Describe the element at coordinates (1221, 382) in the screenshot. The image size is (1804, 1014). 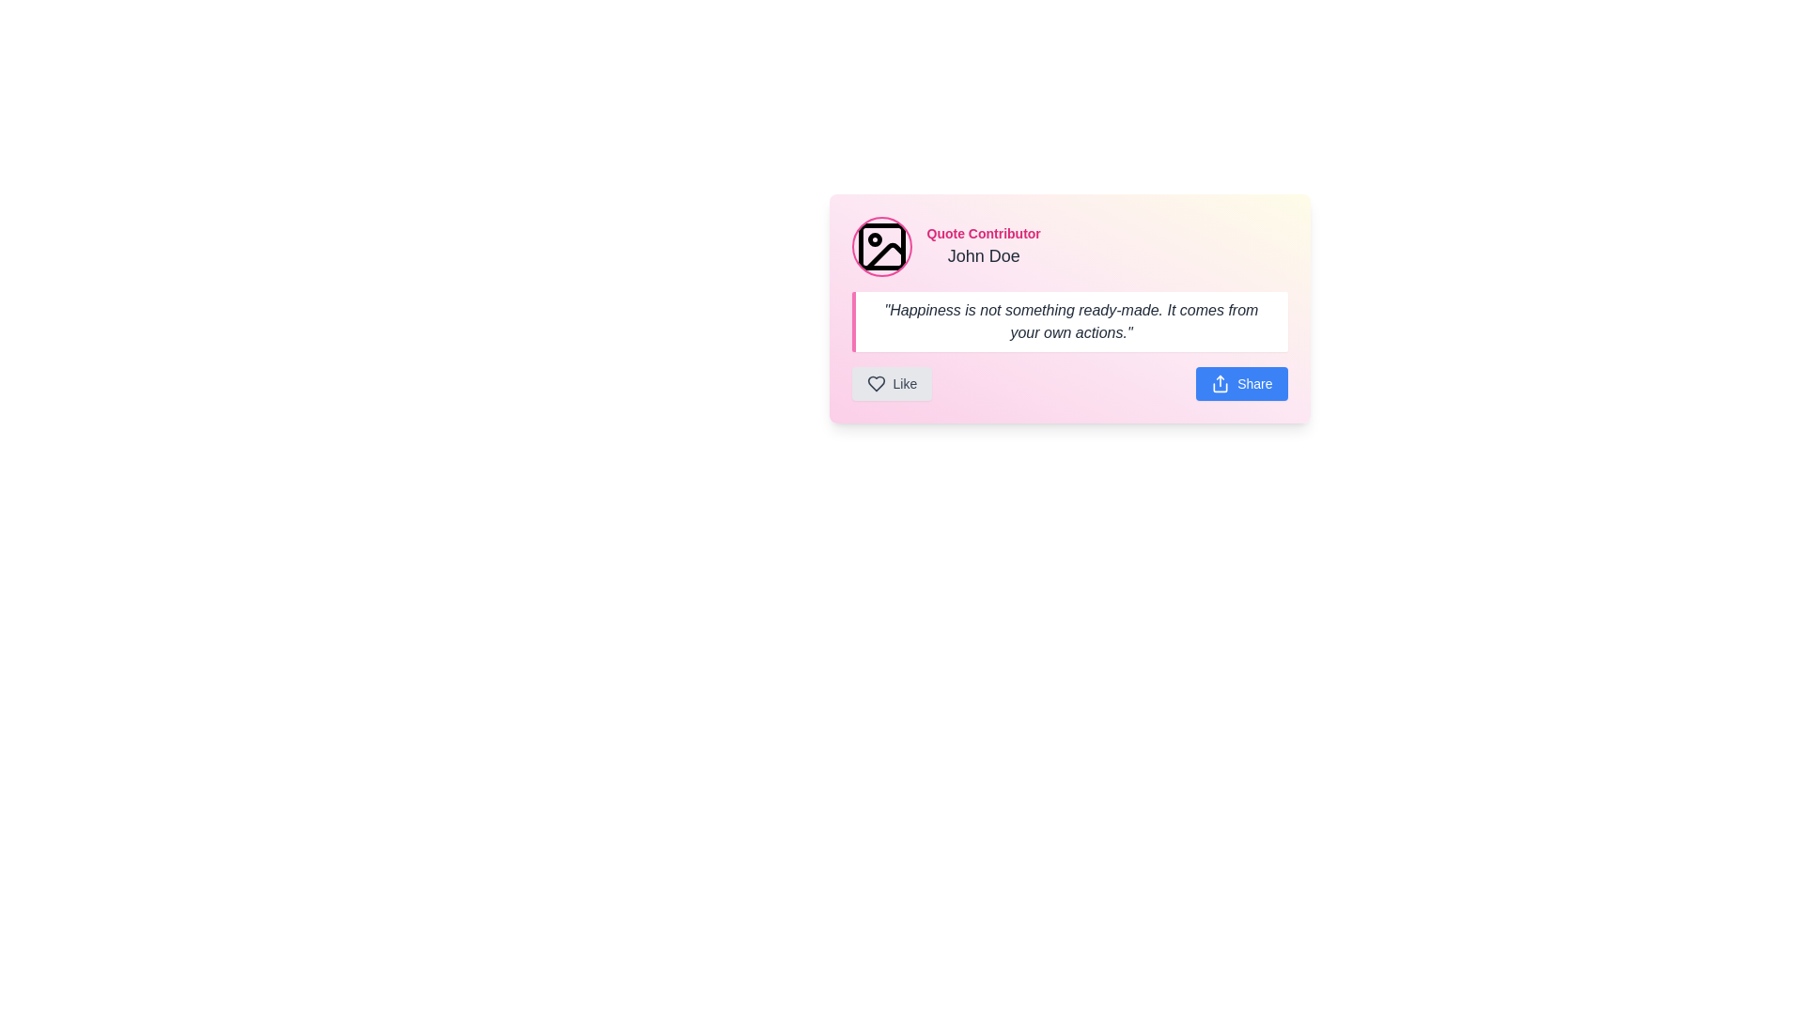
I see `the minimalistic, line-drawn share icon located to the left of the 'Share' button in the bottom-right corner of the card` at that location.